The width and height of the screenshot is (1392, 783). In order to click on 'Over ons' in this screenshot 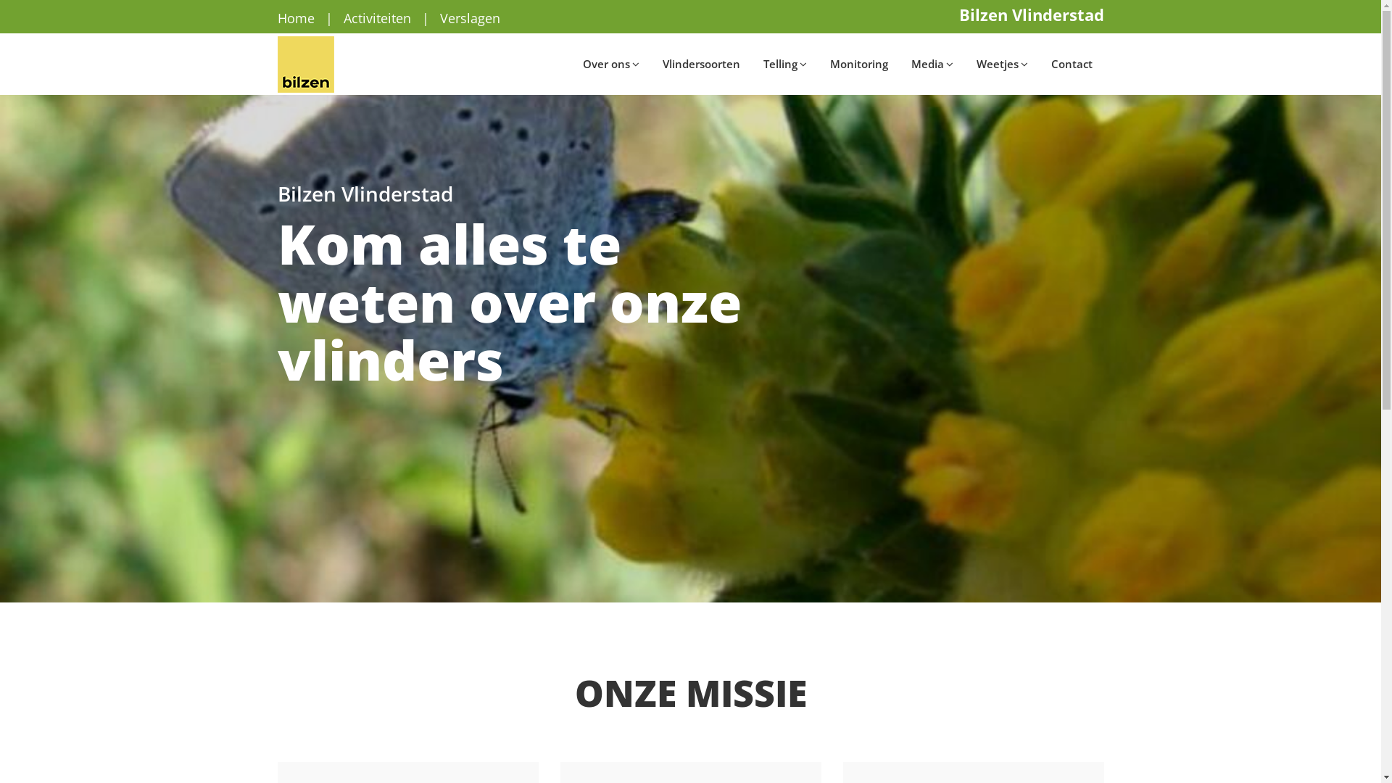, I will do `click(611, 63)`.